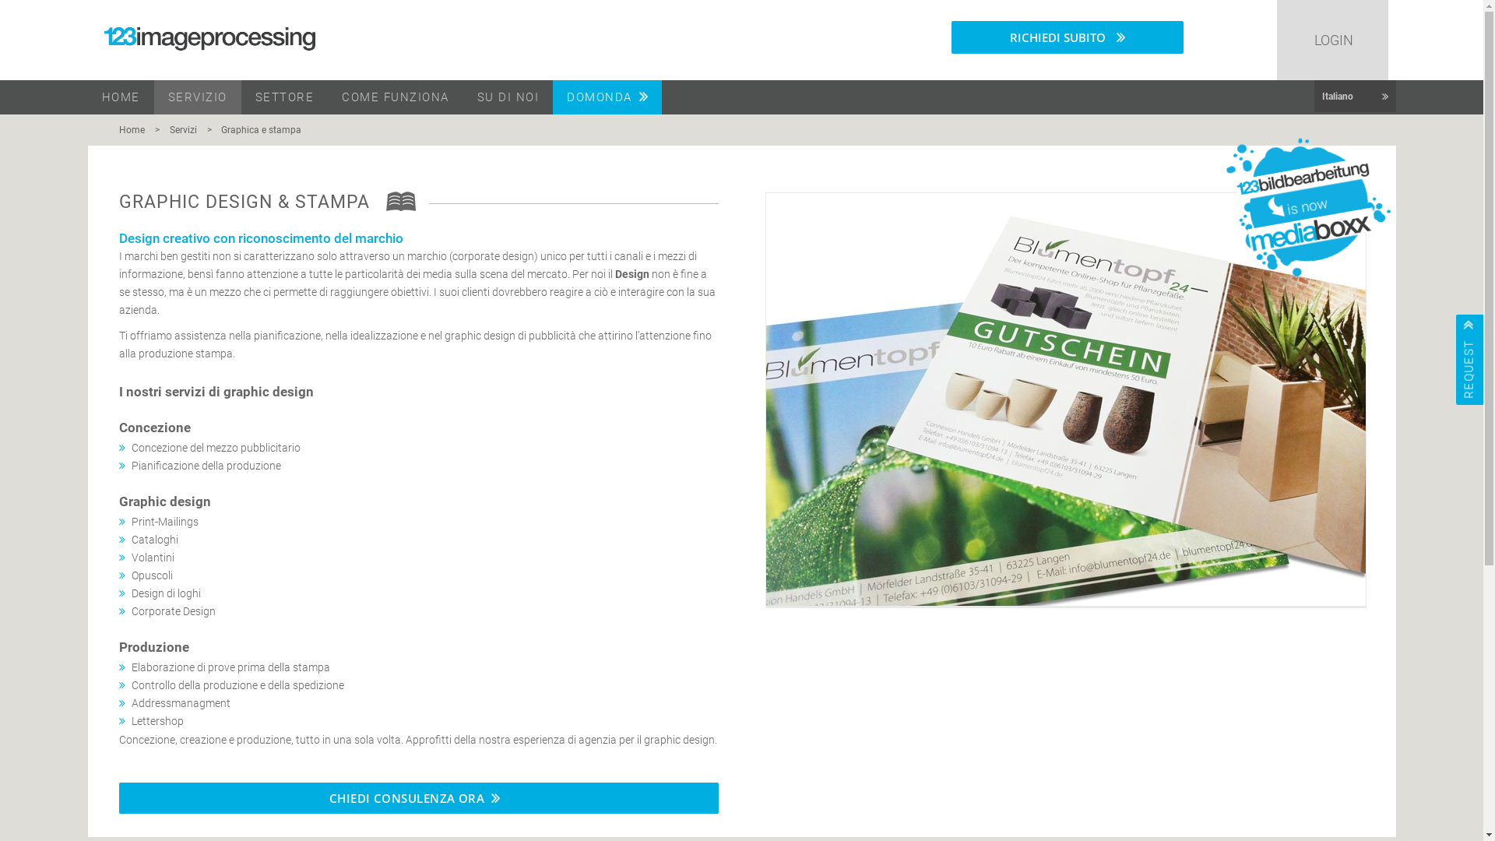  What do you see at coordinates (606, 97) in the screenshot?
I see `'DOMONDA'` at bounding box center [606, 97].